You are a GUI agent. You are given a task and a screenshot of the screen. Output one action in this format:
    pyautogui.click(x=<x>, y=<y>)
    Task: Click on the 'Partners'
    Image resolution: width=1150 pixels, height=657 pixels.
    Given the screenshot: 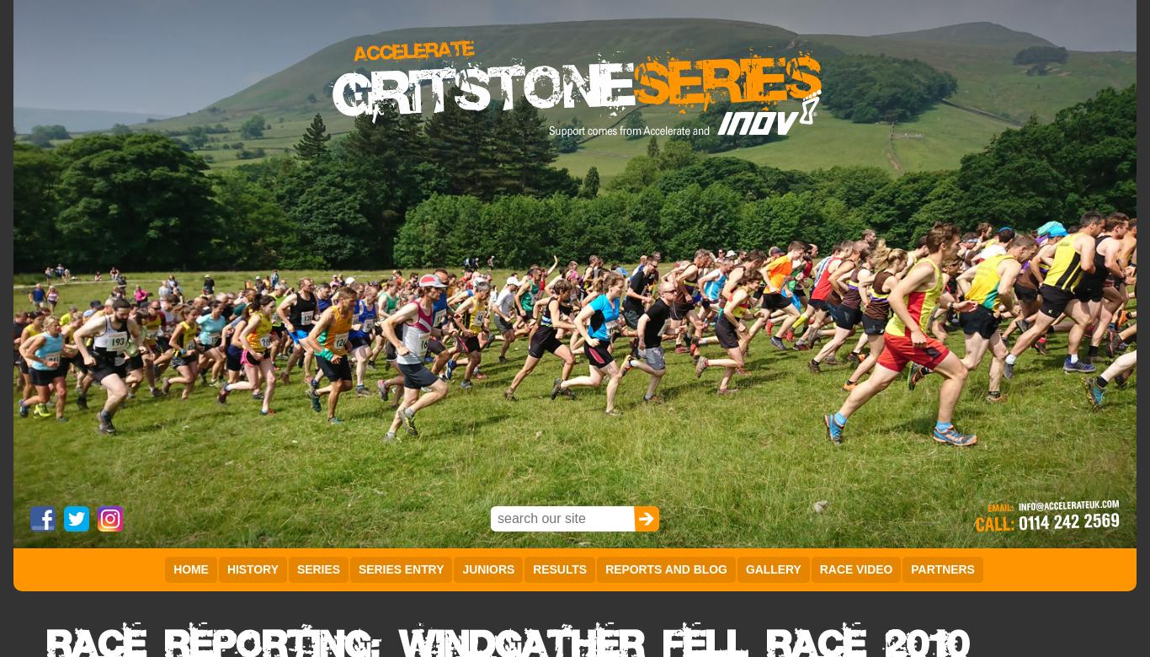 What is the action you would take?
    pyautogui.click(x=910, y=569)
    